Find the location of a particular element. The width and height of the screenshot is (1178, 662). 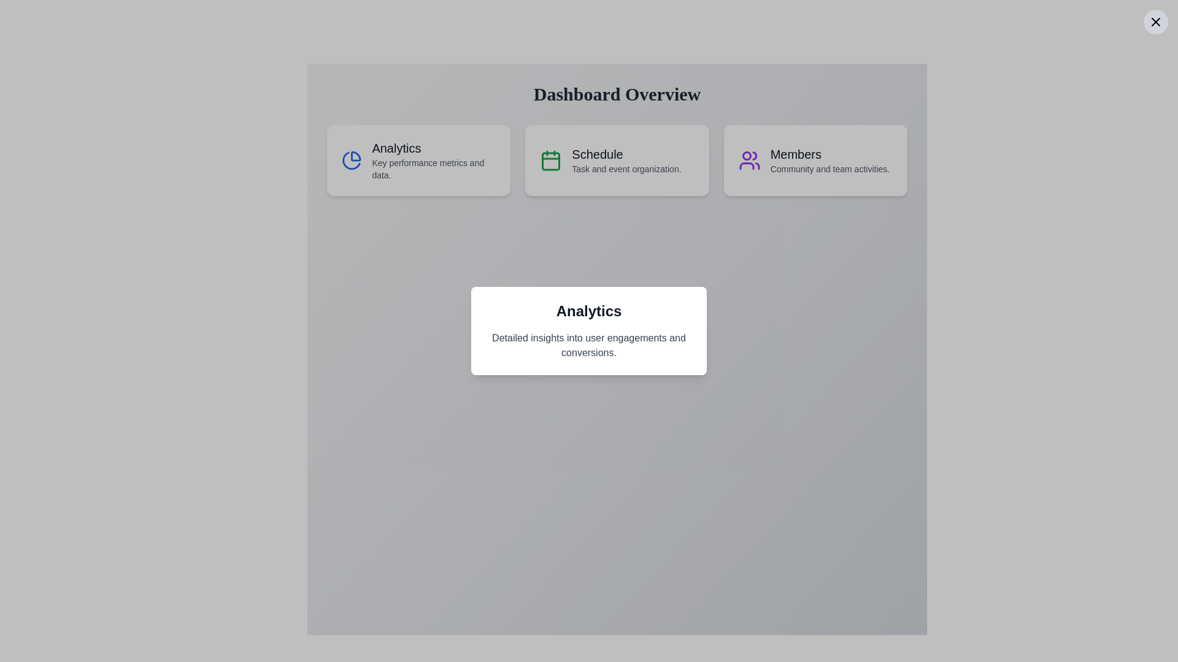

the text label reading 'Community and team activities.' which is styled in light gray and positioned below the 'Members' title on the rightmost card under 'Dashboard Overview.' is located at coordinates (830, 169).